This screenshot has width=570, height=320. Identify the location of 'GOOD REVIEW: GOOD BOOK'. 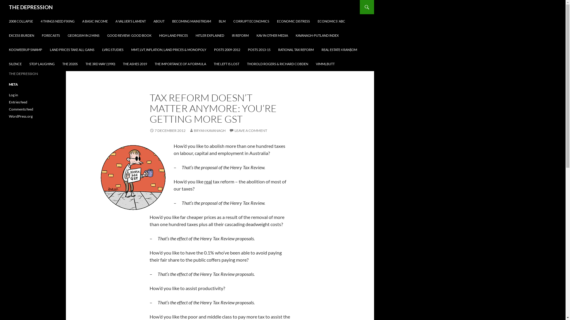
(129, 35).